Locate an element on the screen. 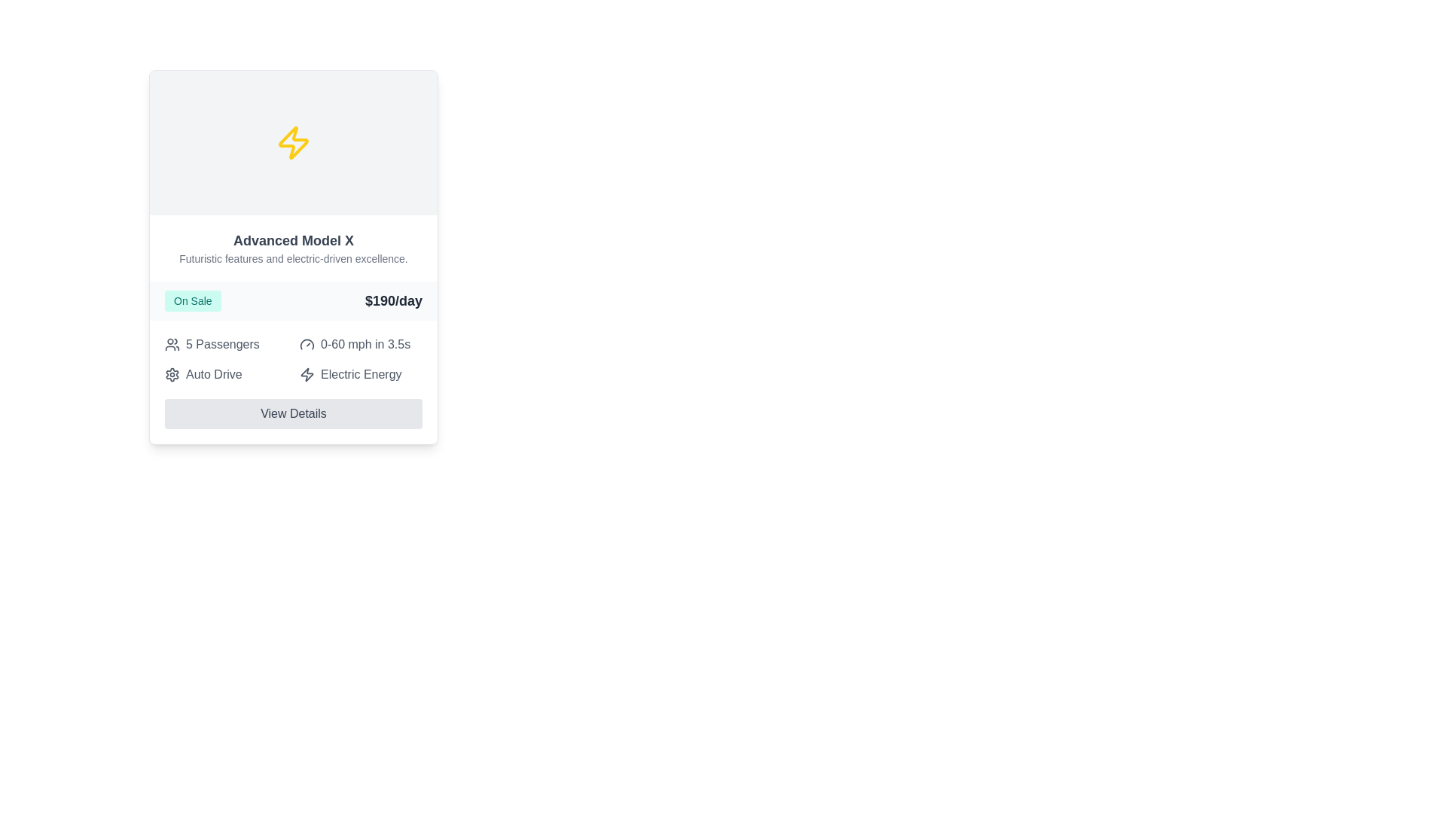 This screenshot has width=1446, height=813. the styling of the settings icon, which is a gear or cogwheel symbol located at the bottom right corner of the context image is located at coordinates (172, 373).